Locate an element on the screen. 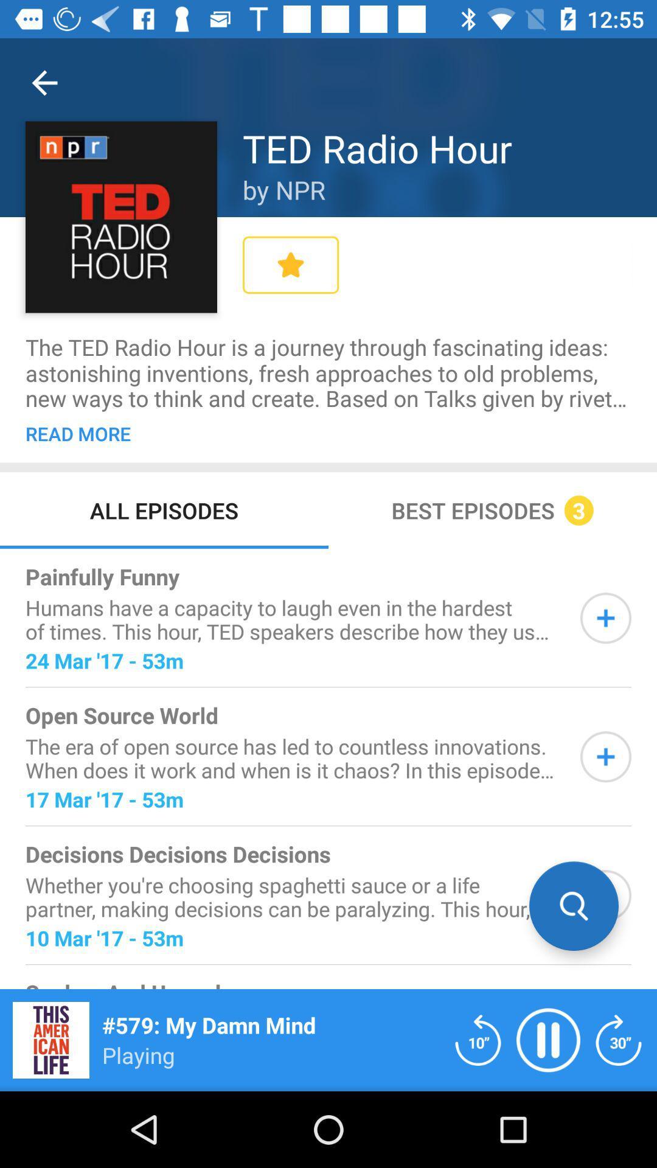 The width and height of the screenshot is (657, 1168). reload is located at coordinates (478, 1039).